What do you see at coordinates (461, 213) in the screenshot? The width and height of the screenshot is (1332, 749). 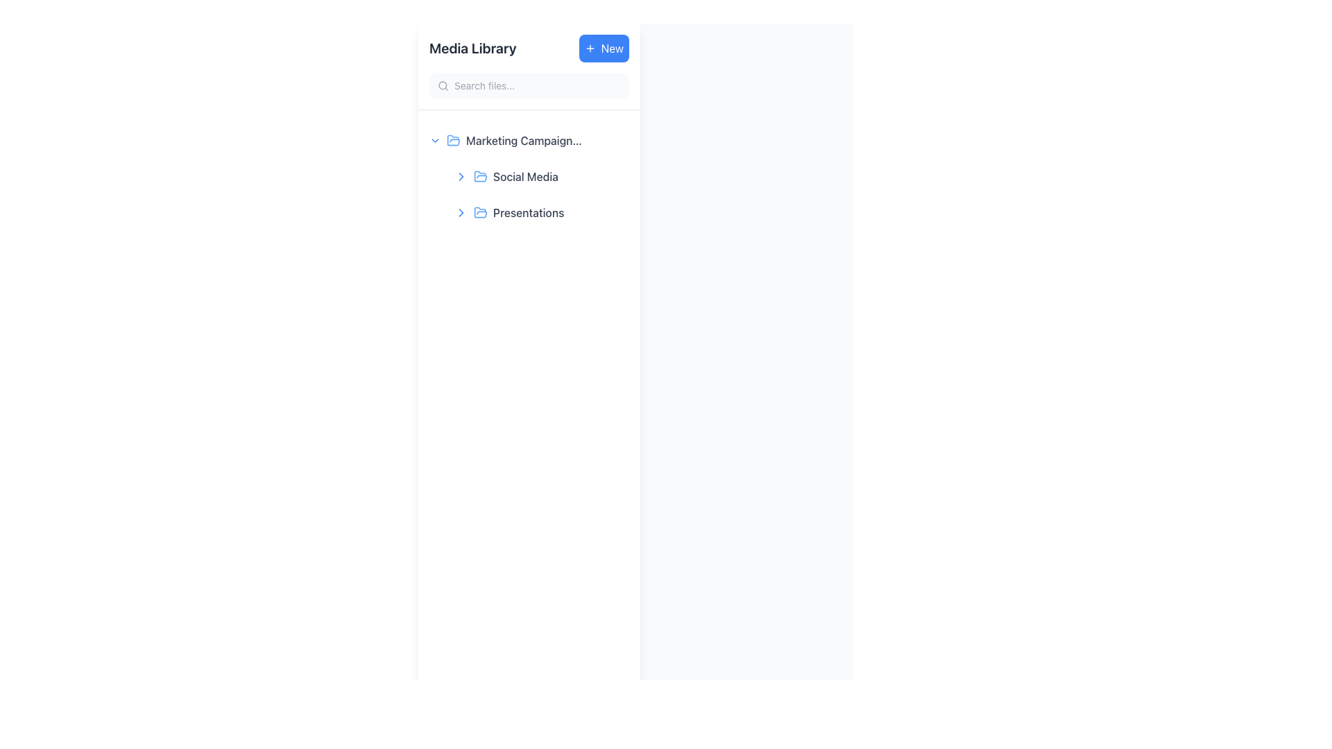 I see `the Chevron Downward Icon located in the left navigation panel` at bounding box center [461, 213].